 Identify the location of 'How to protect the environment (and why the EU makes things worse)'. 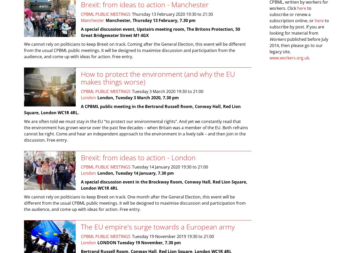
(158, 78).